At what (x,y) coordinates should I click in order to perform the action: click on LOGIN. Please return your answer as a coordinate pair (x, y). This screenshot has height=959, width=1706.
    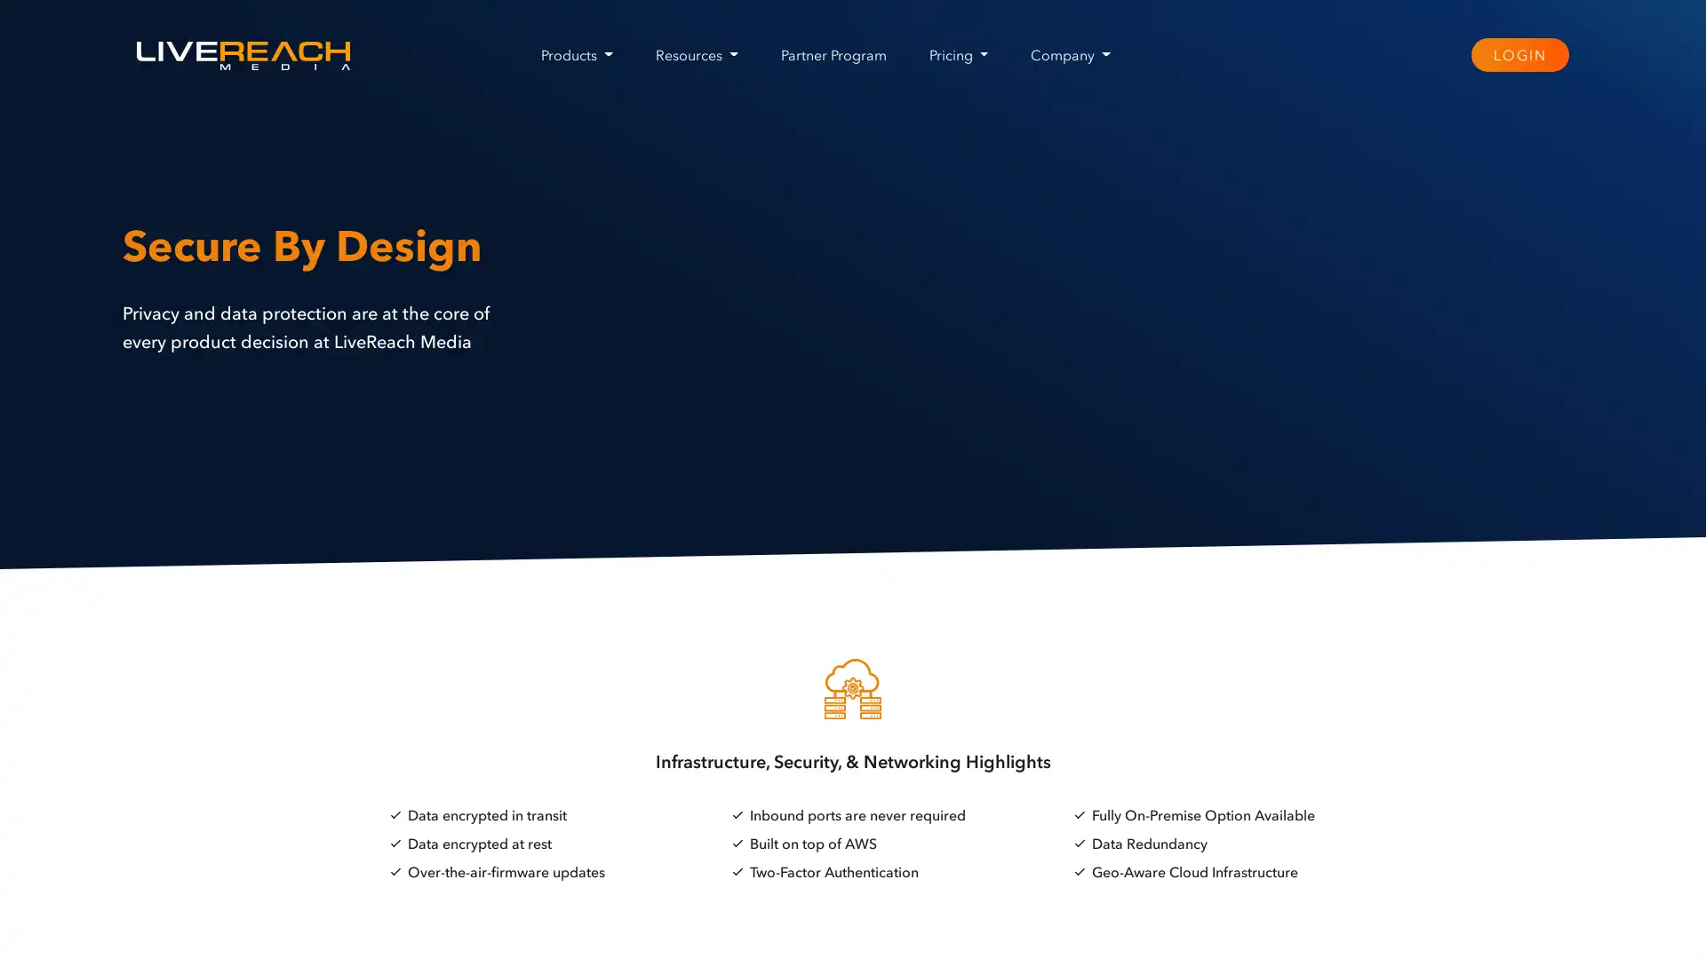
    Looking at the image, I should click on (1518, 53).